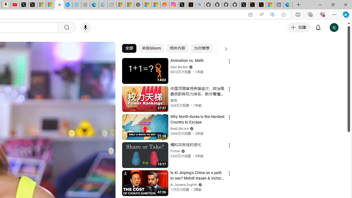  Describe the element at coordinates (334, 14) in the screenshot. I see `'Settings and more (Alt+F)'` at that location.